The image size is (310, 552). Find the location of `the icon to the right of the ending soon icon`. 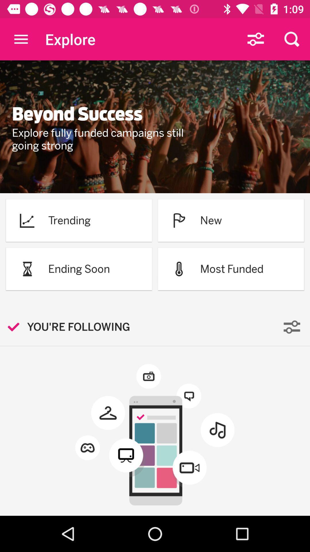

the icon to the right of the ending soon icon is located at coordinates (179, 269).